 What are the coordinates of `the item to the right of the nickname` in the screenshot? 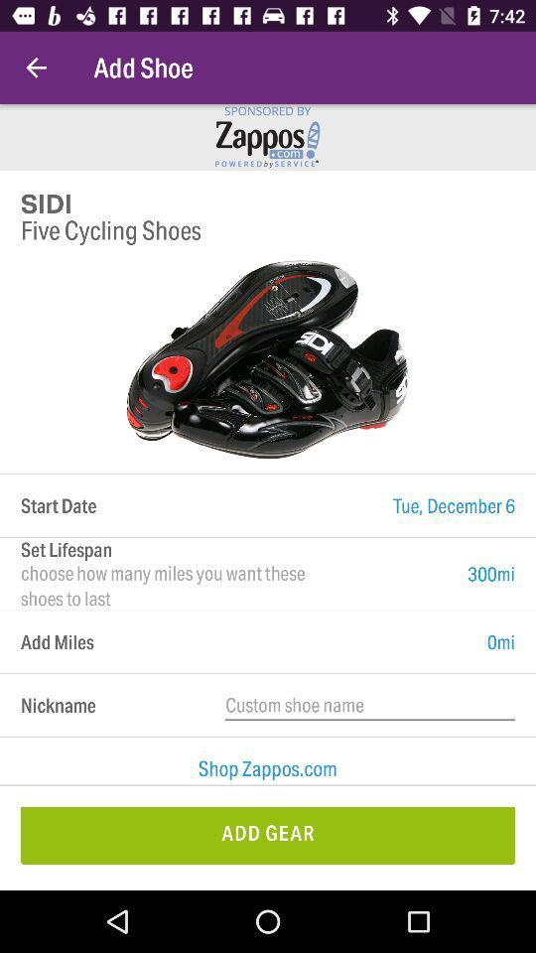 It's located at (370, 705).